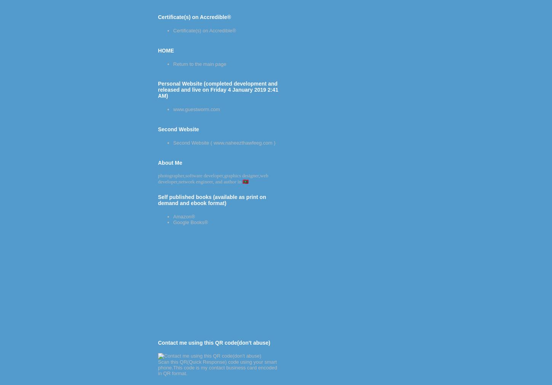  What do you see at coordinates (217, 367) in the screenshot?
I see `'Scan this QR(Quick Response) code using your smart phone.This code is my contact business card encoded in QR format.'` at bounding box center [217, 367].